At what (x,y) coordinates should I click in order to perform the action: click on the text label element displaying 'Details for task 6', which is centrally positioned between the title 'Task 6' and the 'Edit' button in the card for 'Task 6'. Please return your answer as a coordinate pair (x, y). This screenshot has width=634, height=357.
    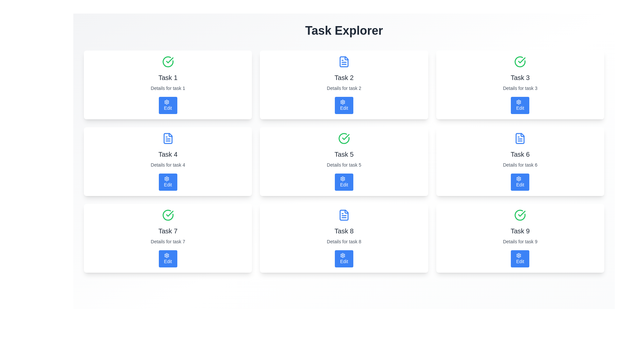
    Looking at the image, I should click on (520, 164).